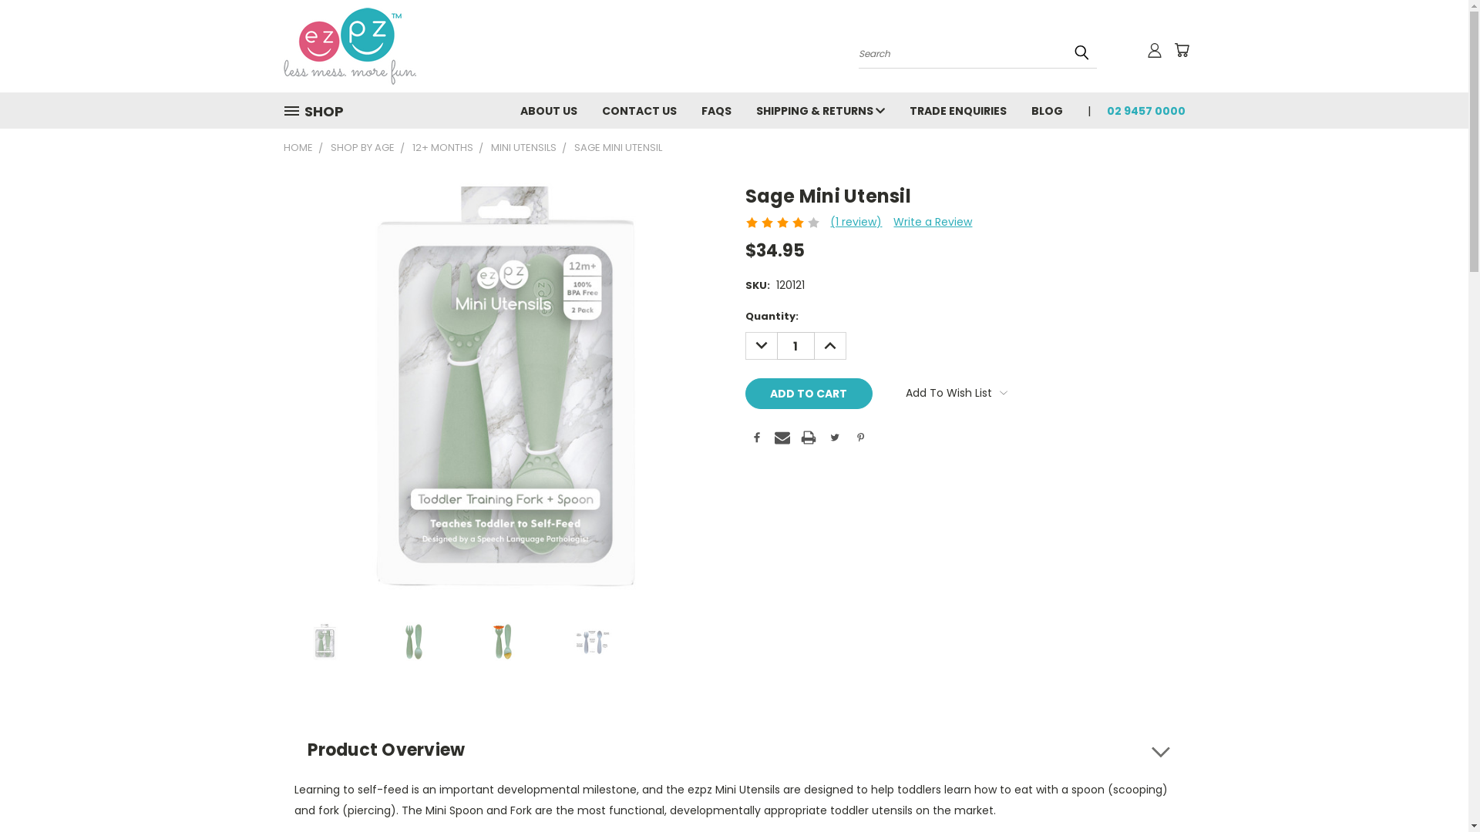 This screenshot has height=832, width=1480. What do you see at coordinates (829, 222) in the screenshot?
I see `'(1 review)'` at bounding box center [829, 222].